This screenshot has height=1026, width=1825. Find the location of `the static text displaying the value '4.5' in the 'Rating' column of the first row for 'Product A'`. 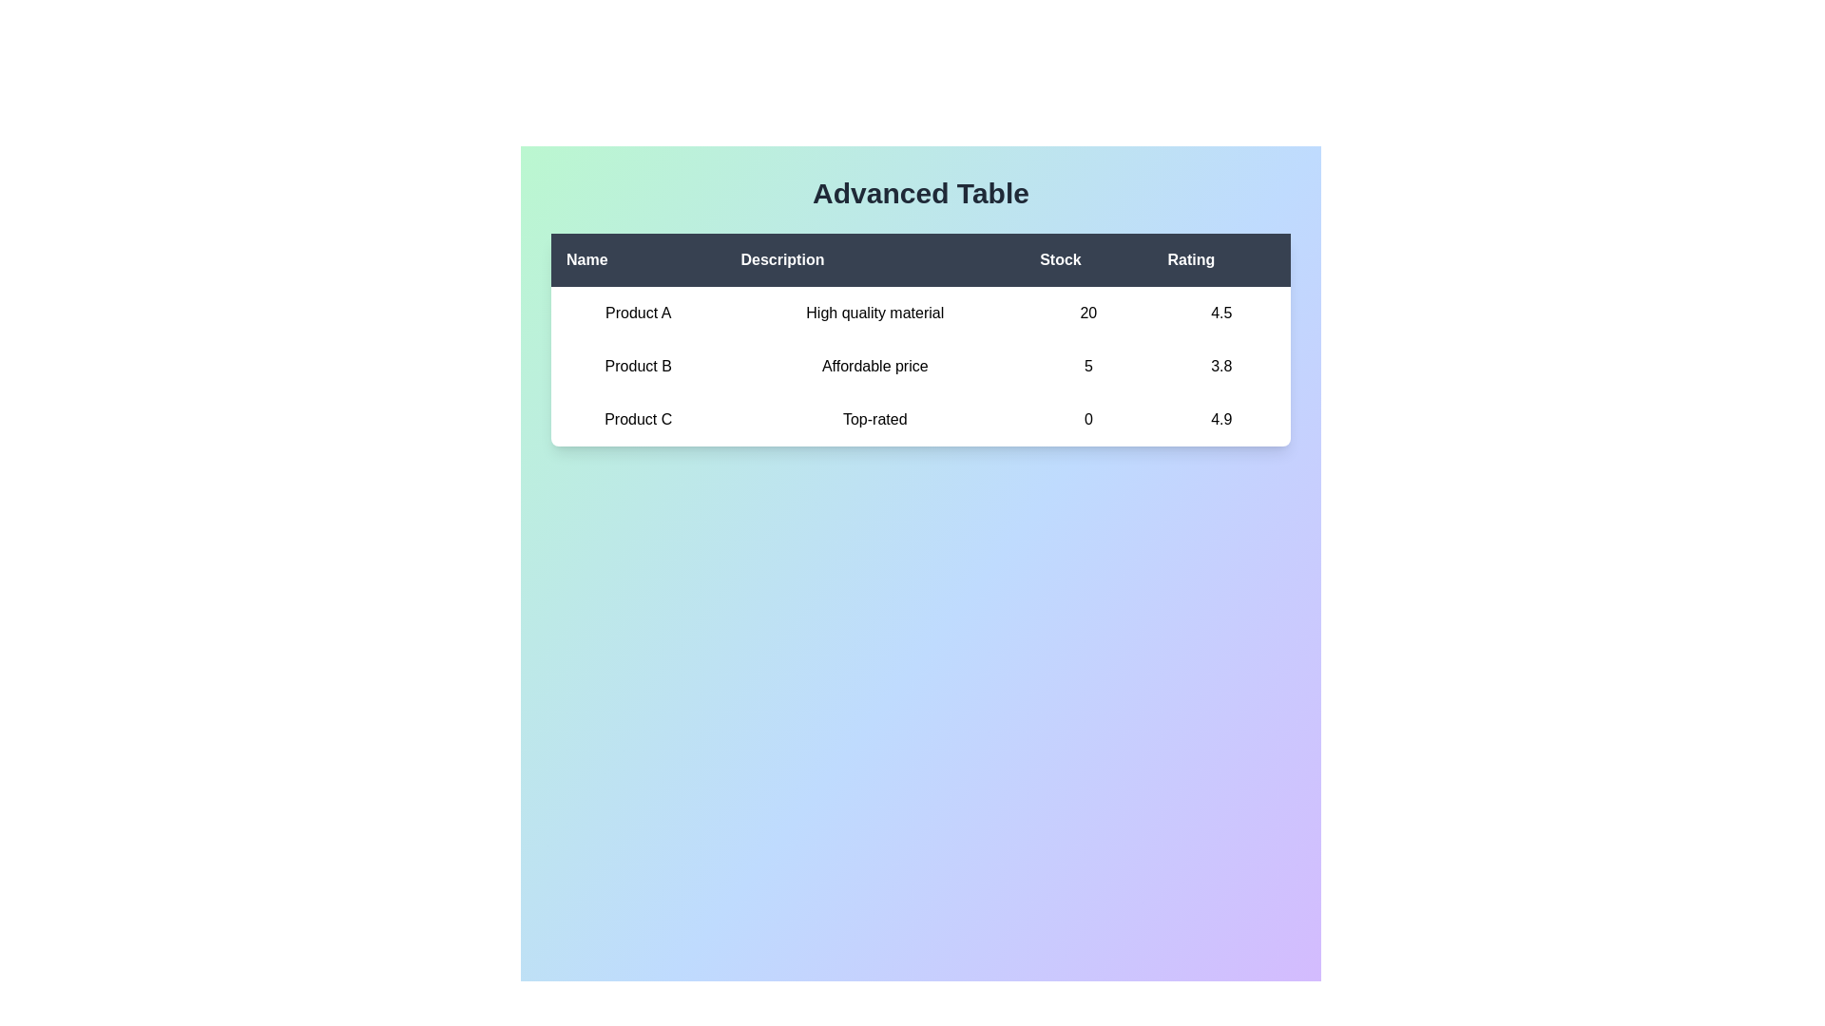

the static text displaying the value '4.5' in the 'Rating' column of the first row for 'Product A' is located at coordinates (1221, 313).